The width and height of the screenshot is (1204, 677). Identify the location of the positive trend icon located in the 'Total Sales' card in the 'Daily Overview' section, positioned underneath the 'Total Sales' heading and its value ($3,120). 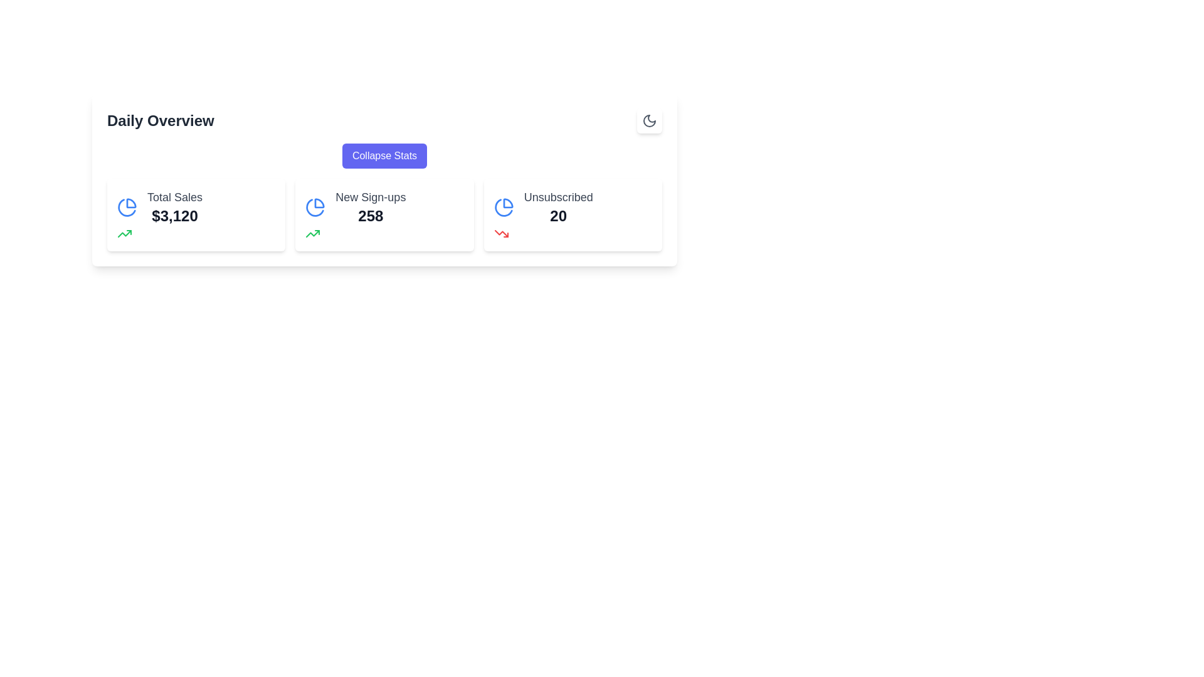
(313, 234).